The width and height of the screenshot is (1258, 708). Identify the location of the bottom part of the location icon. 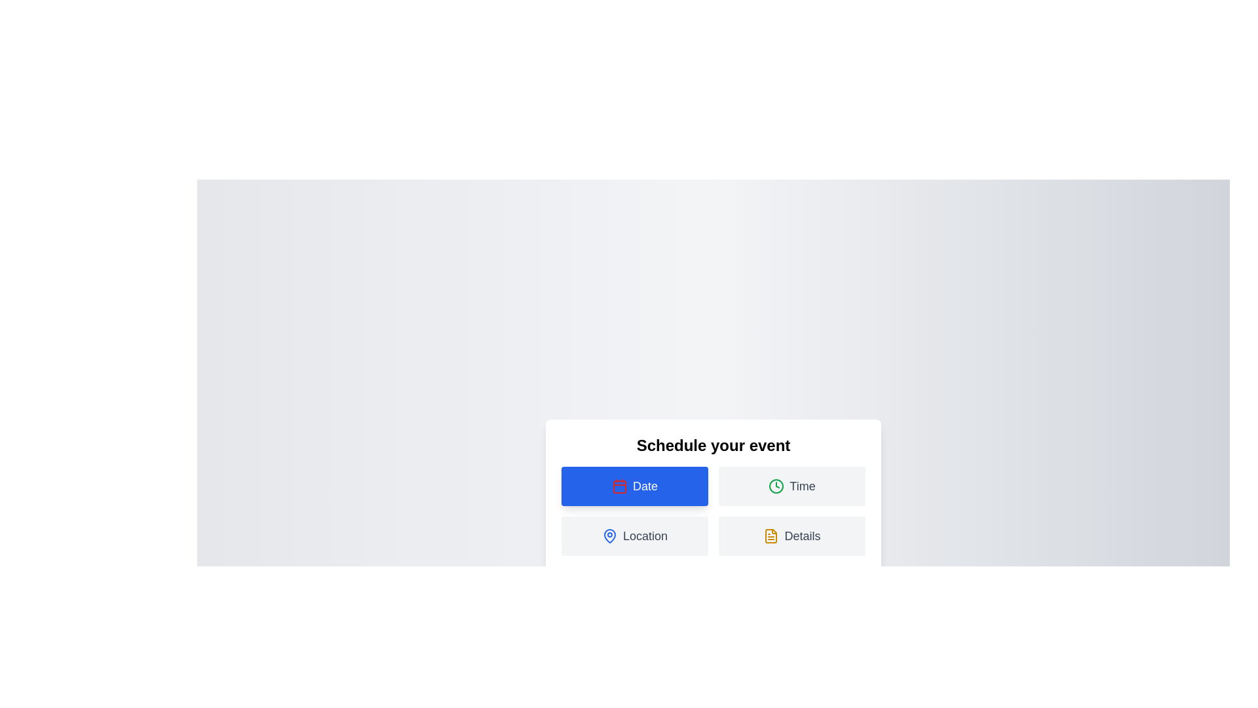
(609, 536).